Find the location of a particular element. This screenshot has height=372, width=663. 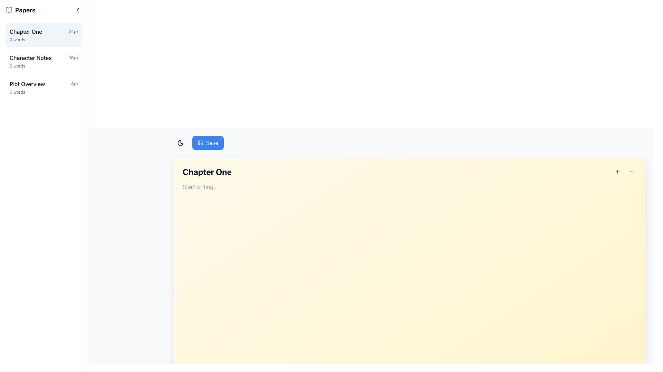

the circular crescent moon icon located to the left of the 'Save' button is located at coordinates (181, 143).